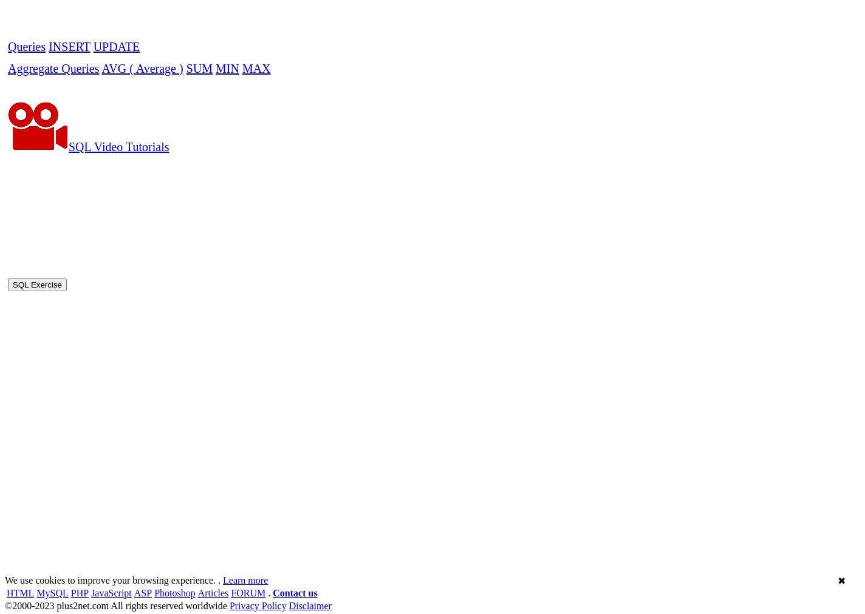  I want to click on 'Articles', so click(212, 253).